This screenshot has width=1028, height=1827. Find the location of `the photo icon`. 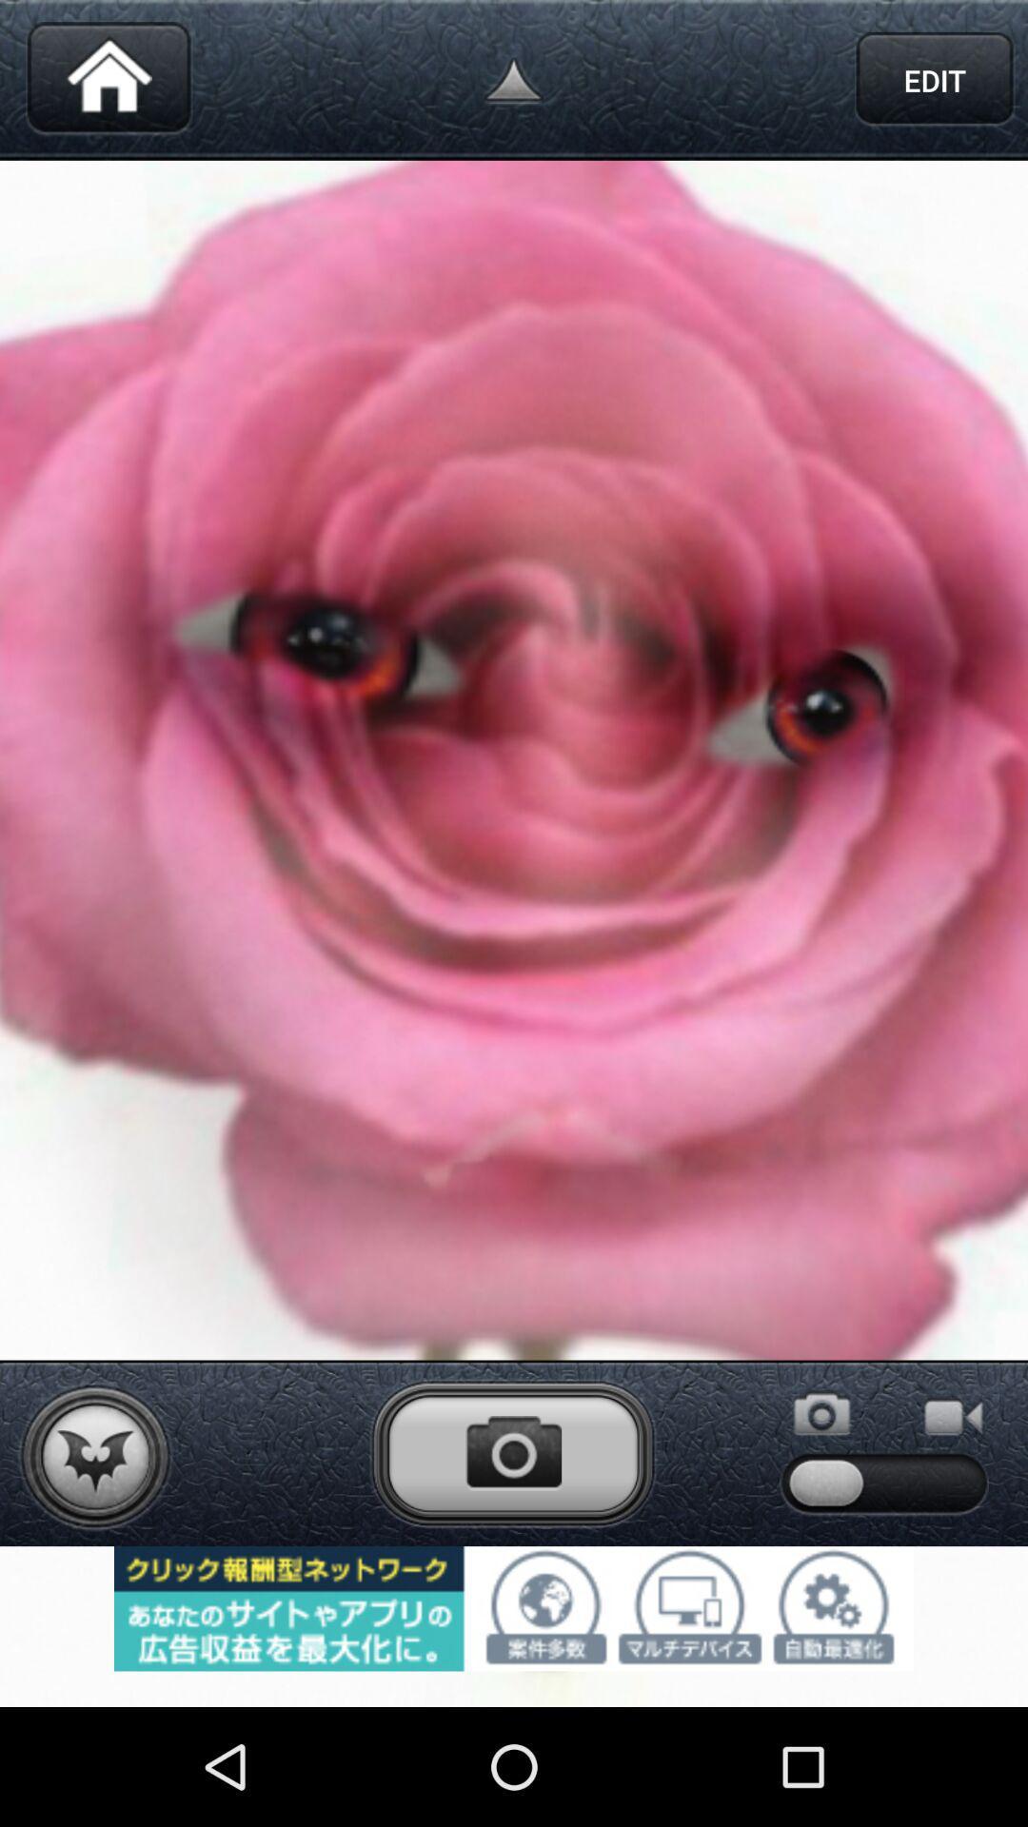

the photo icon is located at coordinates (512, 1555).